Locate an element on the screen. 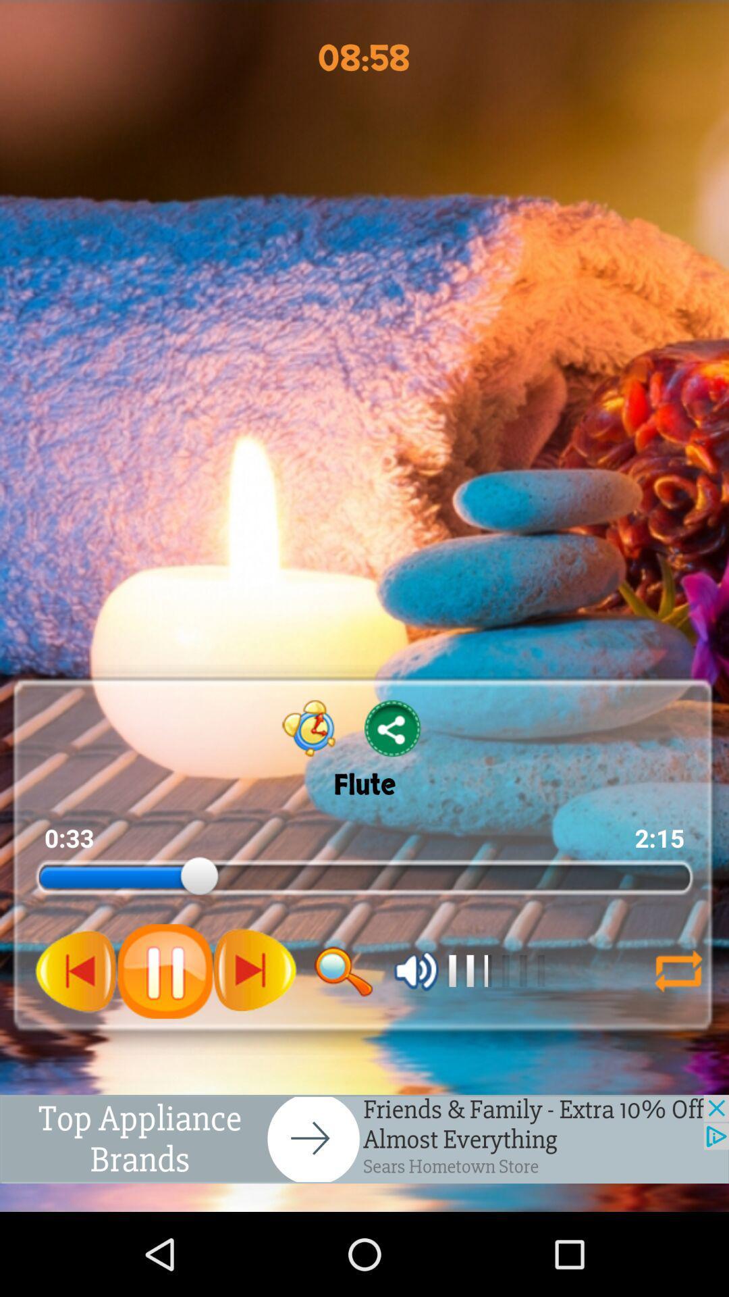 The width and height of the screenshot is (729, 1297). share is located at coordinates (393, 728).